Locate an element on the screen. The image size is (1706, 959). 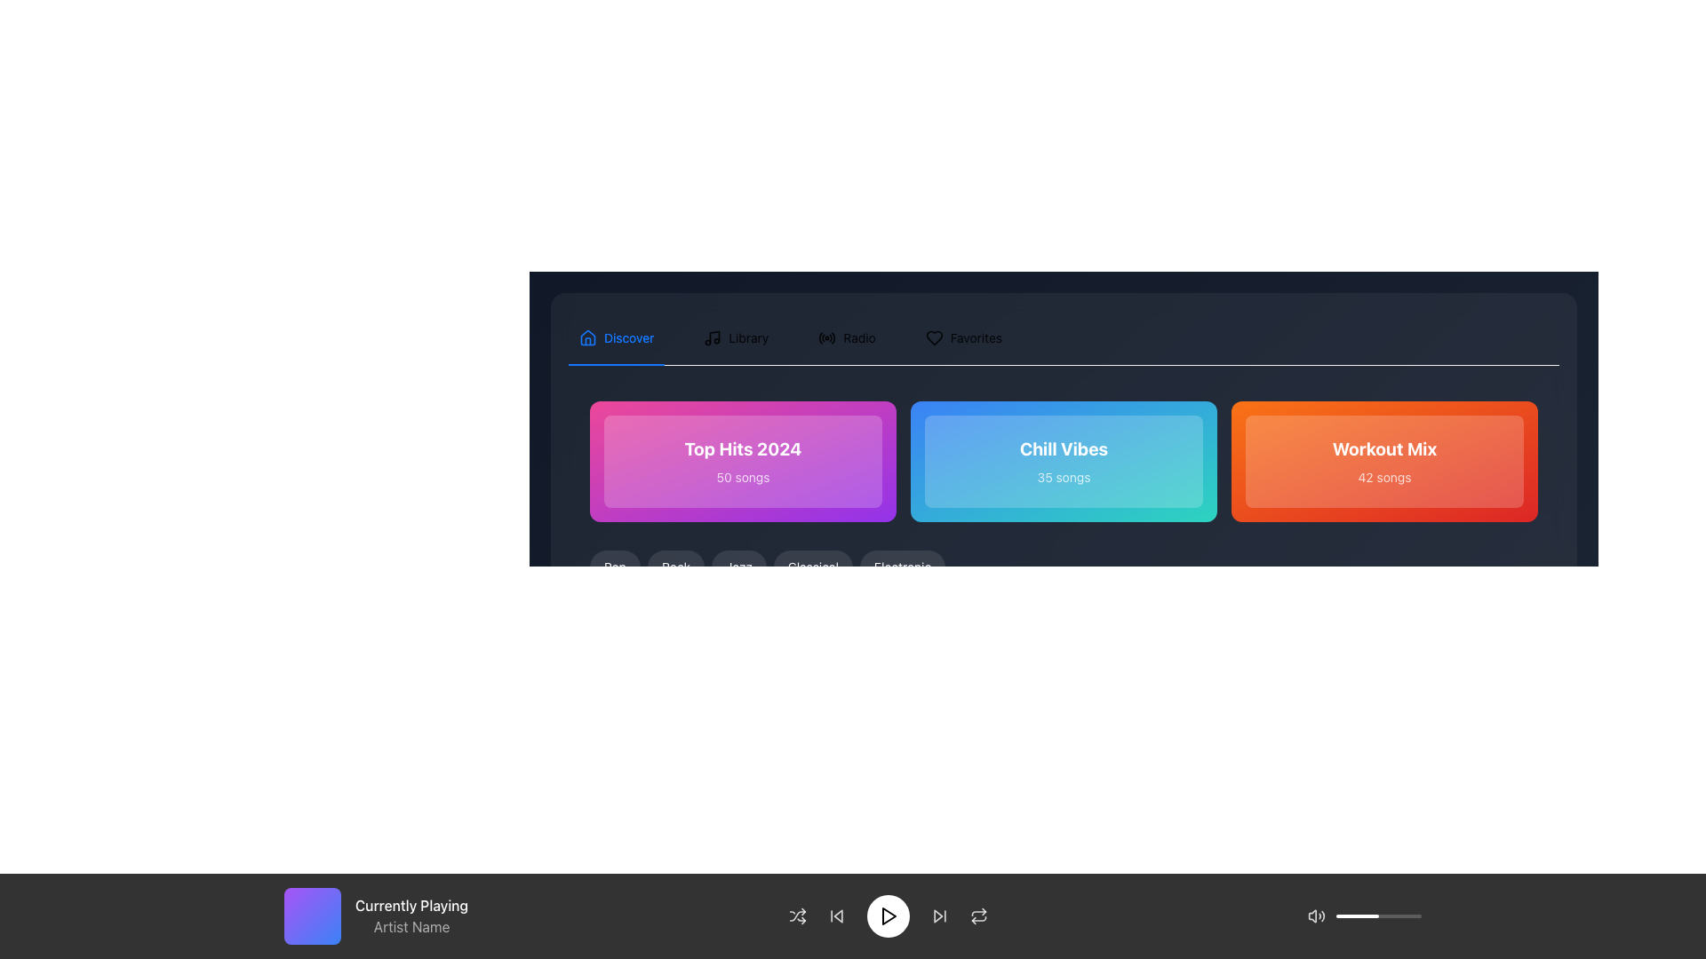
the circular icon resembling a radio wave broadcasting pattern in the navigation bar is located at coordinates (826, 338).